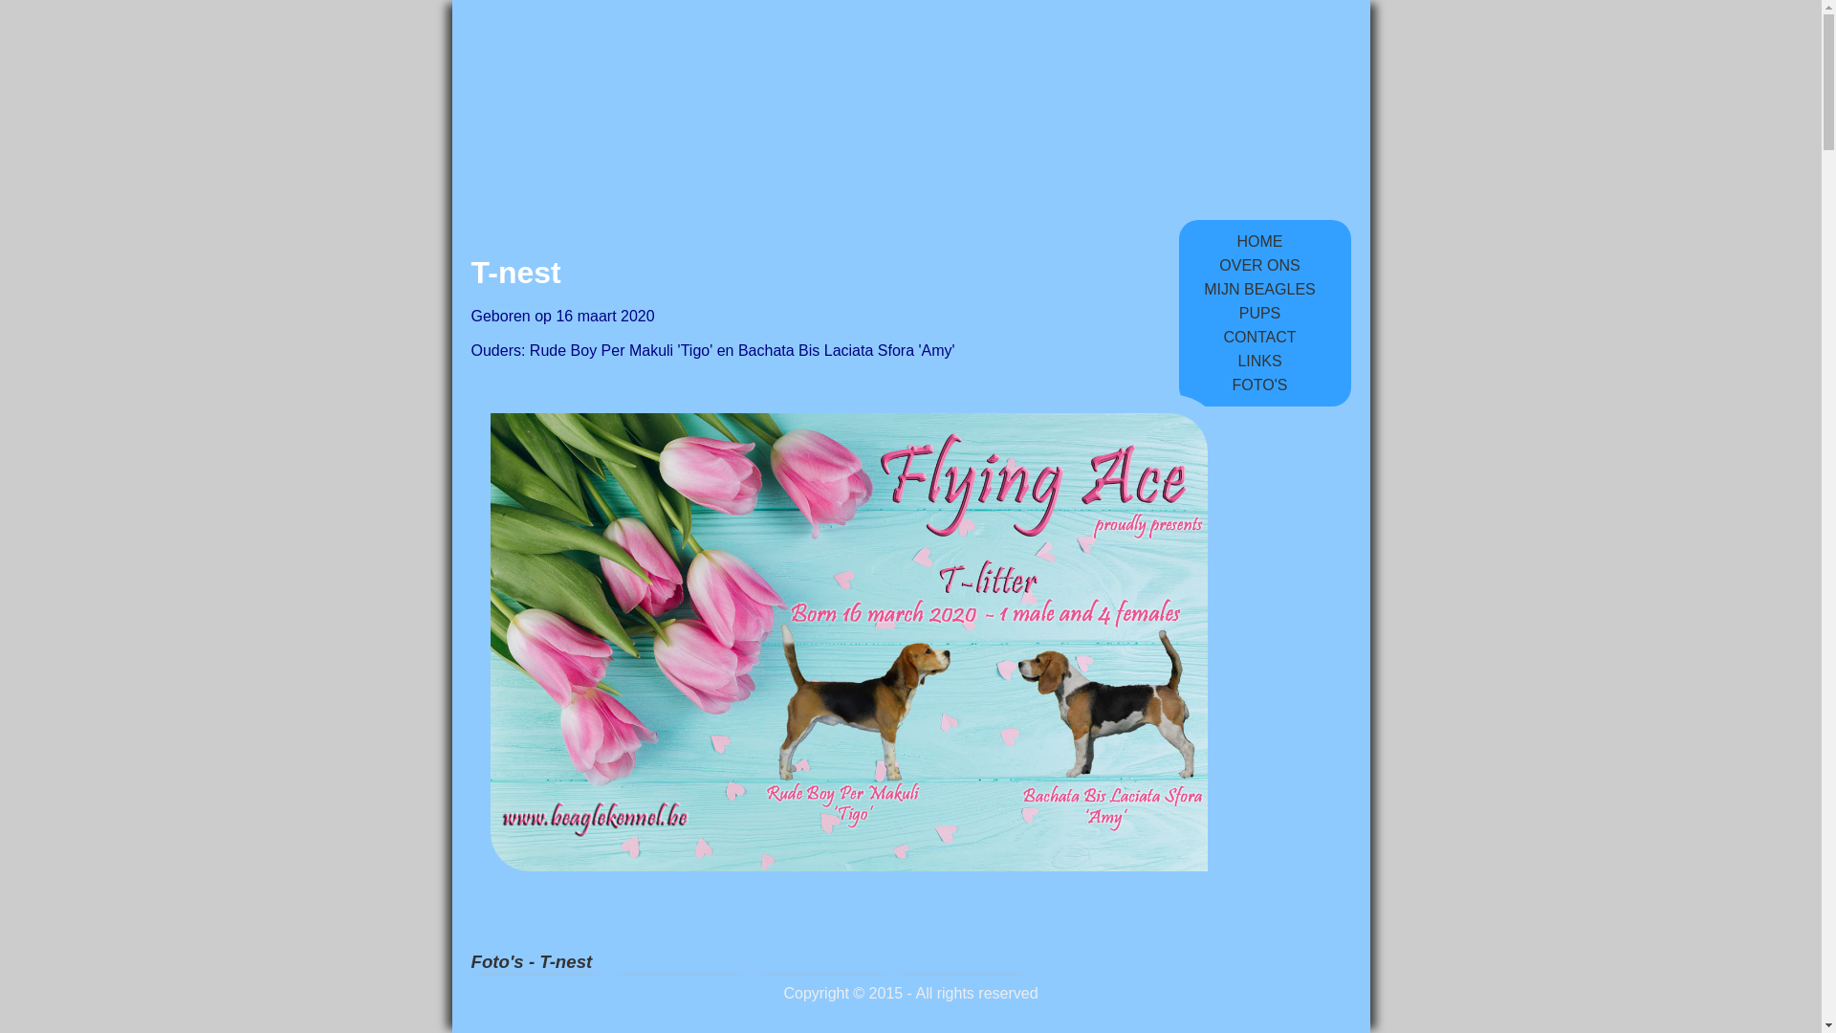 This screenshot has height=1033, width=1836. I want to click on 'CONTACT', so click(1258, 336).